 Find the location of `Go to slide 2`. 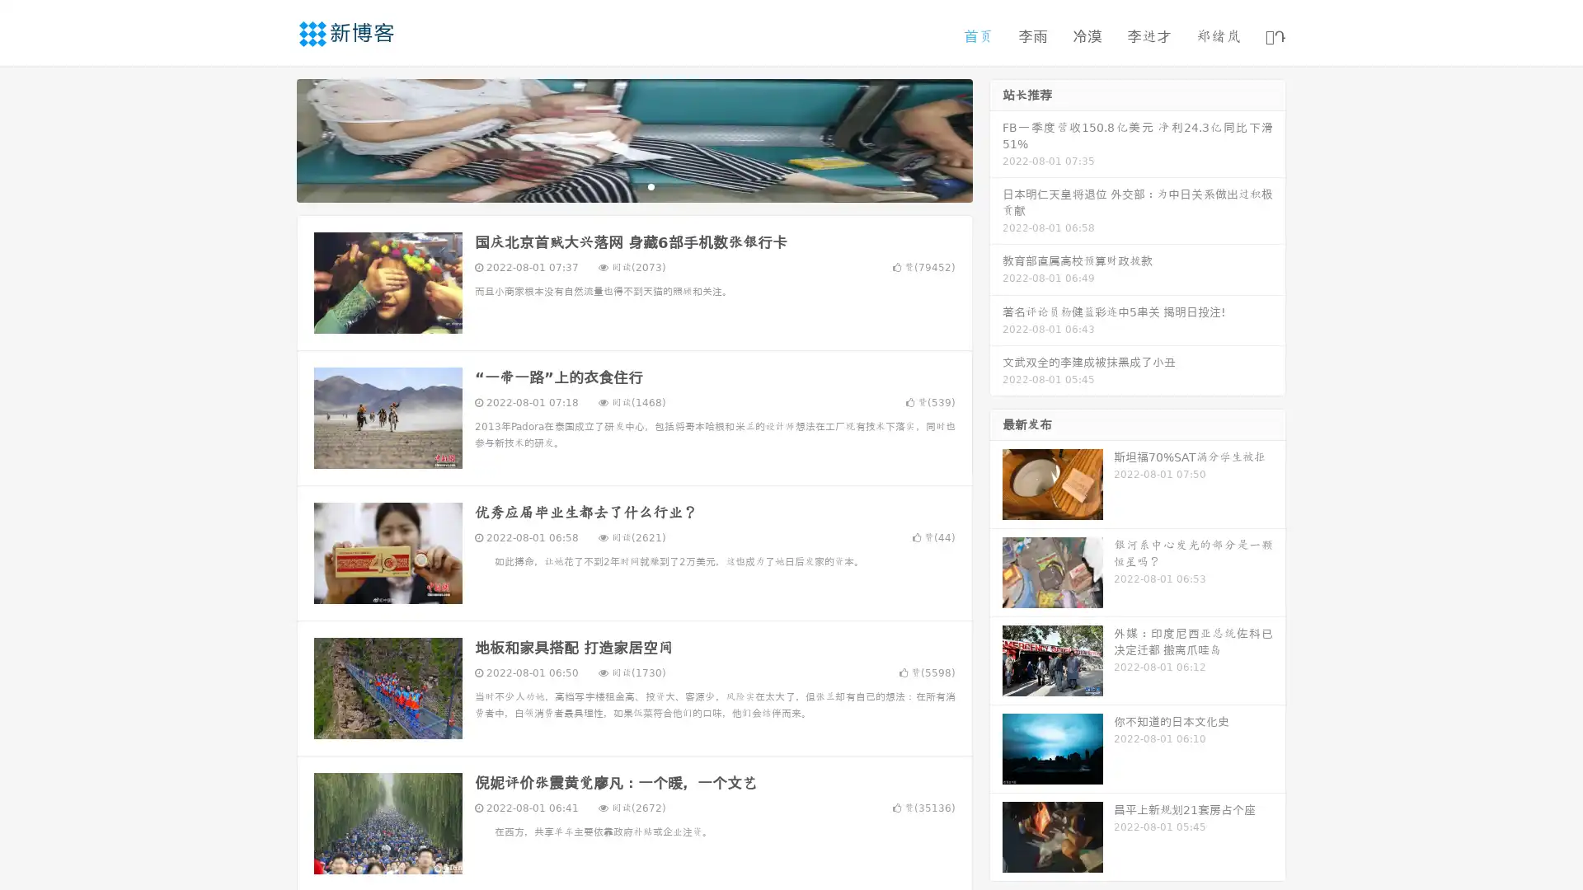

Go to slide 2 is located at coordinates (633, 185).